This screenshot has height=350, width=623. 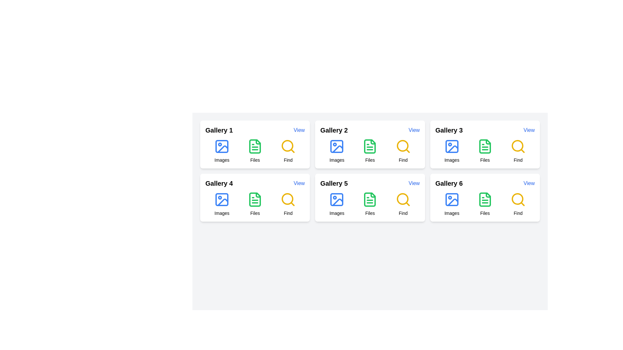 What do you see at coordinates (517, 146) in the screenshot?
I see `the 'Find' button represented by the circular SVG component of the magnifying glass icon, located as the third option in the action row for 'Gallery 3'` at bounding box center [517, 146].